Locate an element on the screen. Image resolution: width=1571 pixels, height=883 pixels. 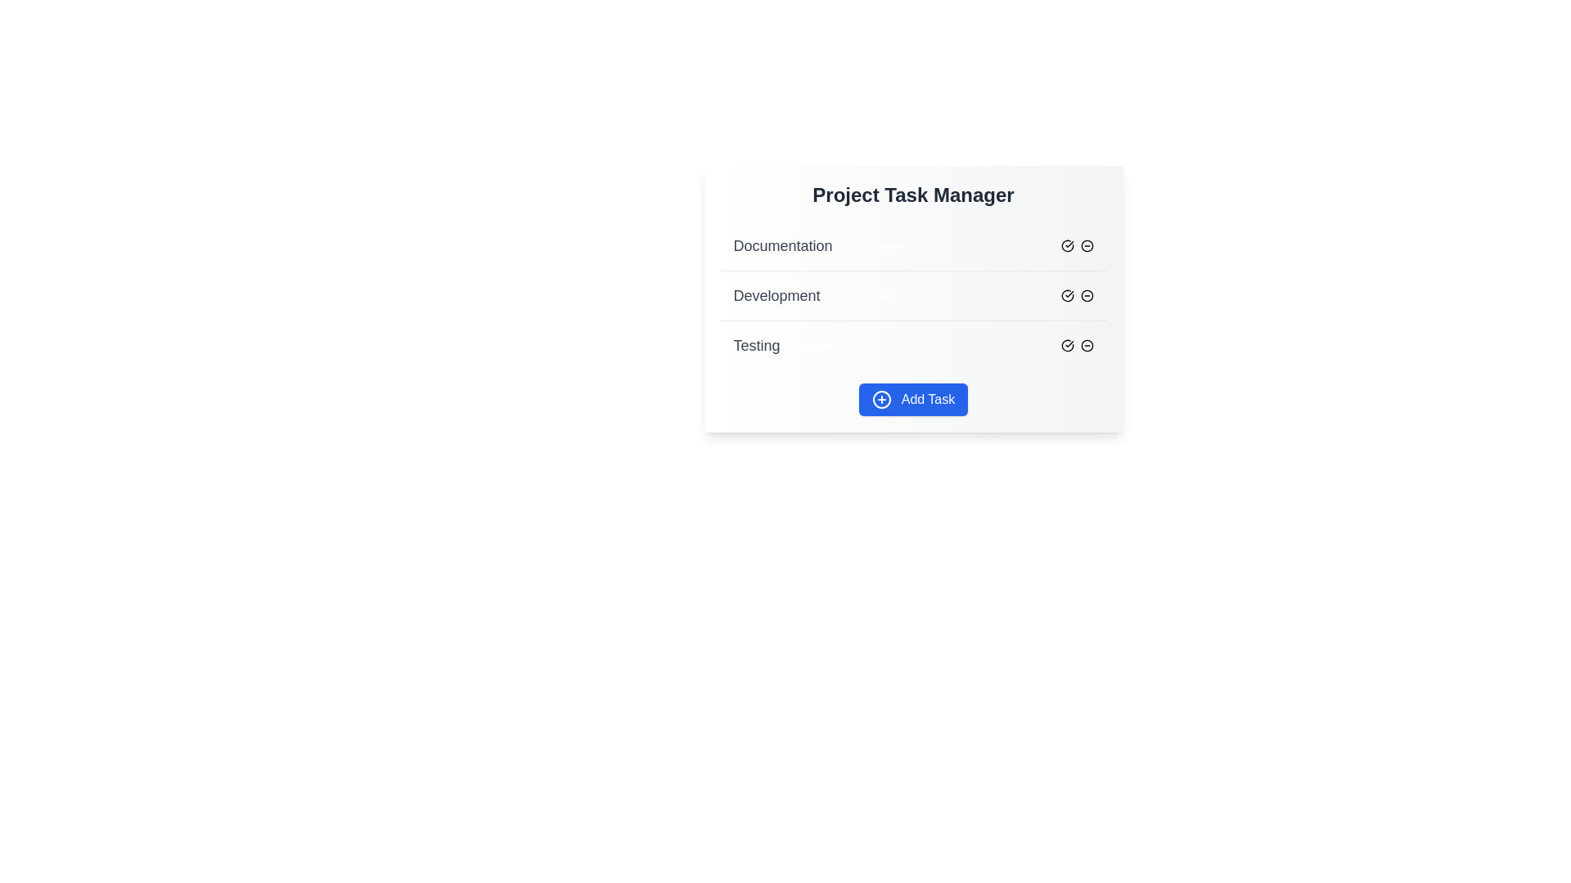
the delete button located at the end of the row associated with the task labeled 'Testing' is located at coordinates (1087, 345).